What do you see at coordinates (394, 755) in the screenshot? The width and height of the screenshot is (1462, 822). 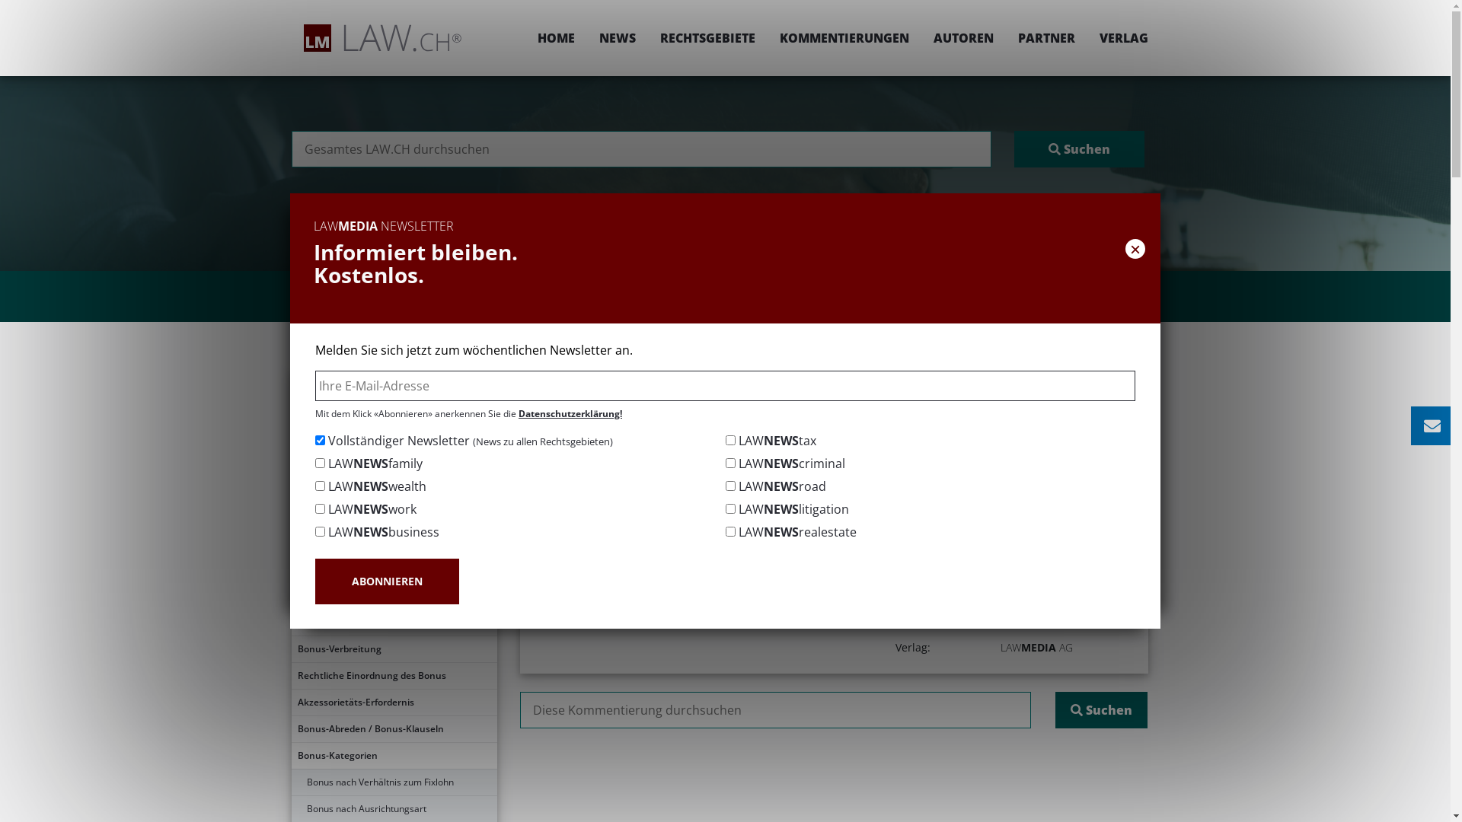 I see `'Bonus-Kategorien'` at bounding box center [394, 755].